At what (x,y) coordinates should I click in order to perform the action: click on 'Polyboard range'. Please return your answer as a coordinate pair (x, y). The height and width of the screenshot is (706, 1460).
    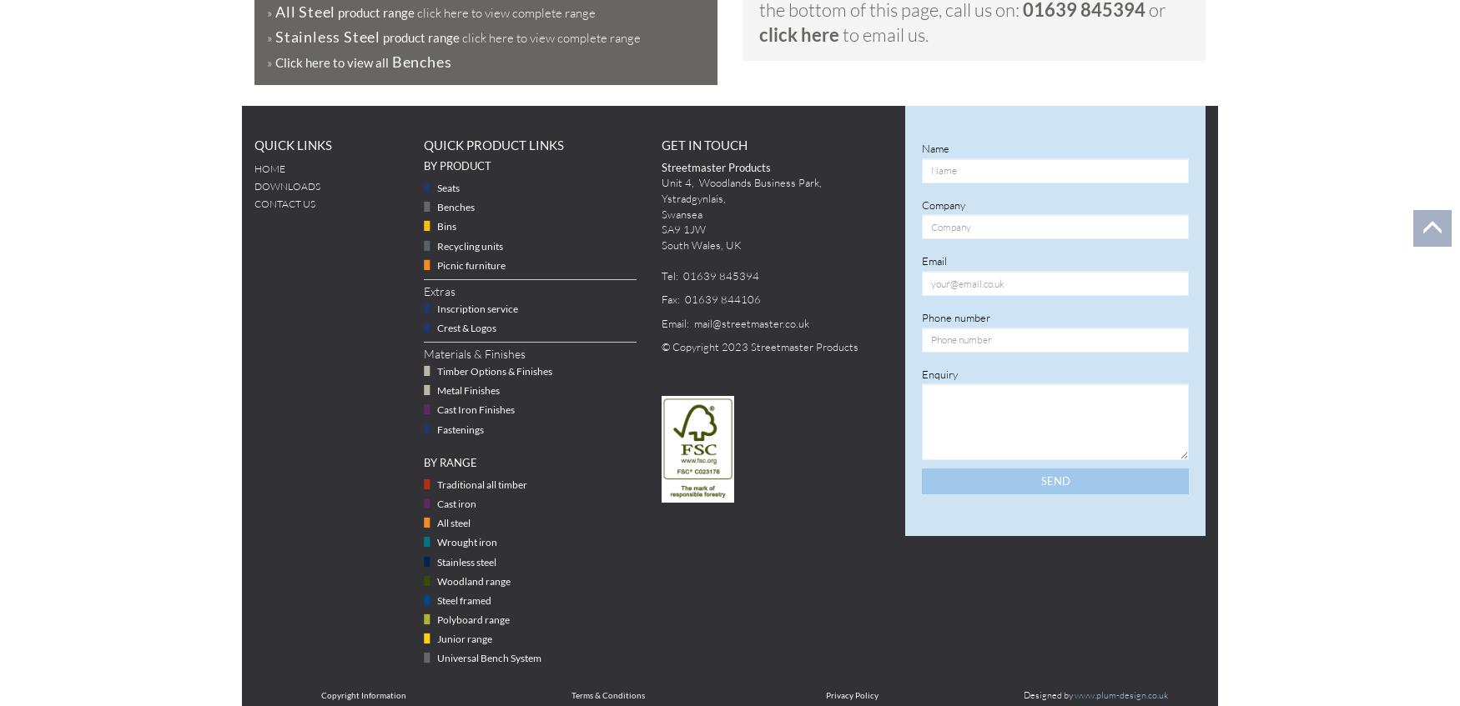
    Looking at the image, I should click on (473, 618).